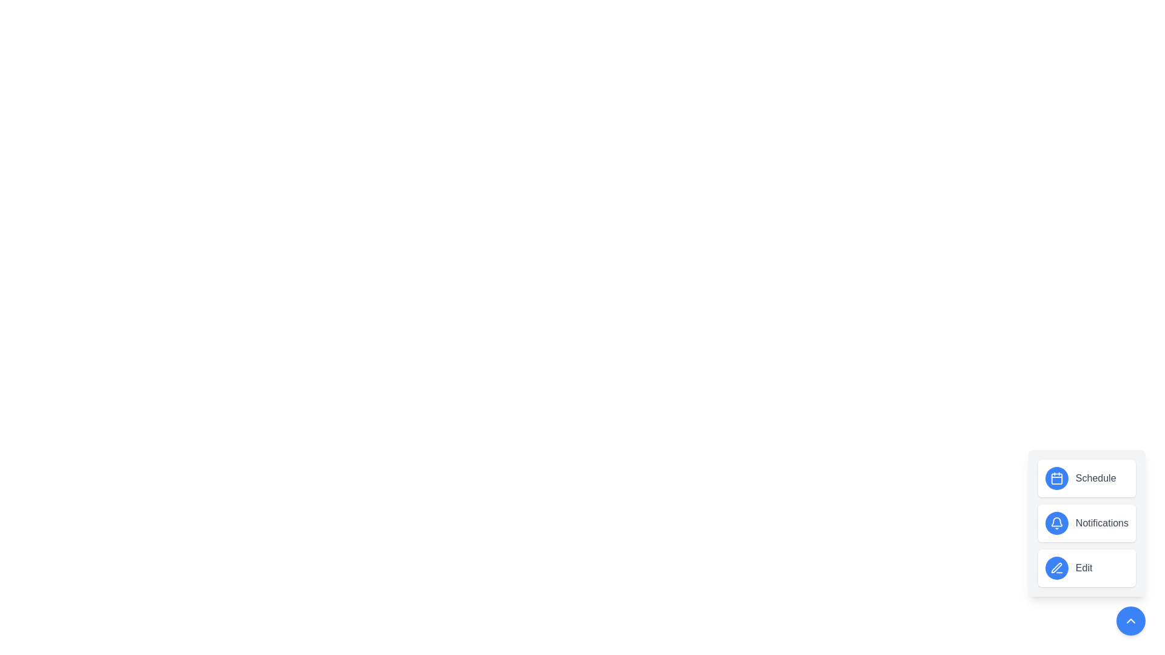 This screenshot has width=1165, height=655. I want to click on the 'Notifications' button to select it, so click(1086, 523).